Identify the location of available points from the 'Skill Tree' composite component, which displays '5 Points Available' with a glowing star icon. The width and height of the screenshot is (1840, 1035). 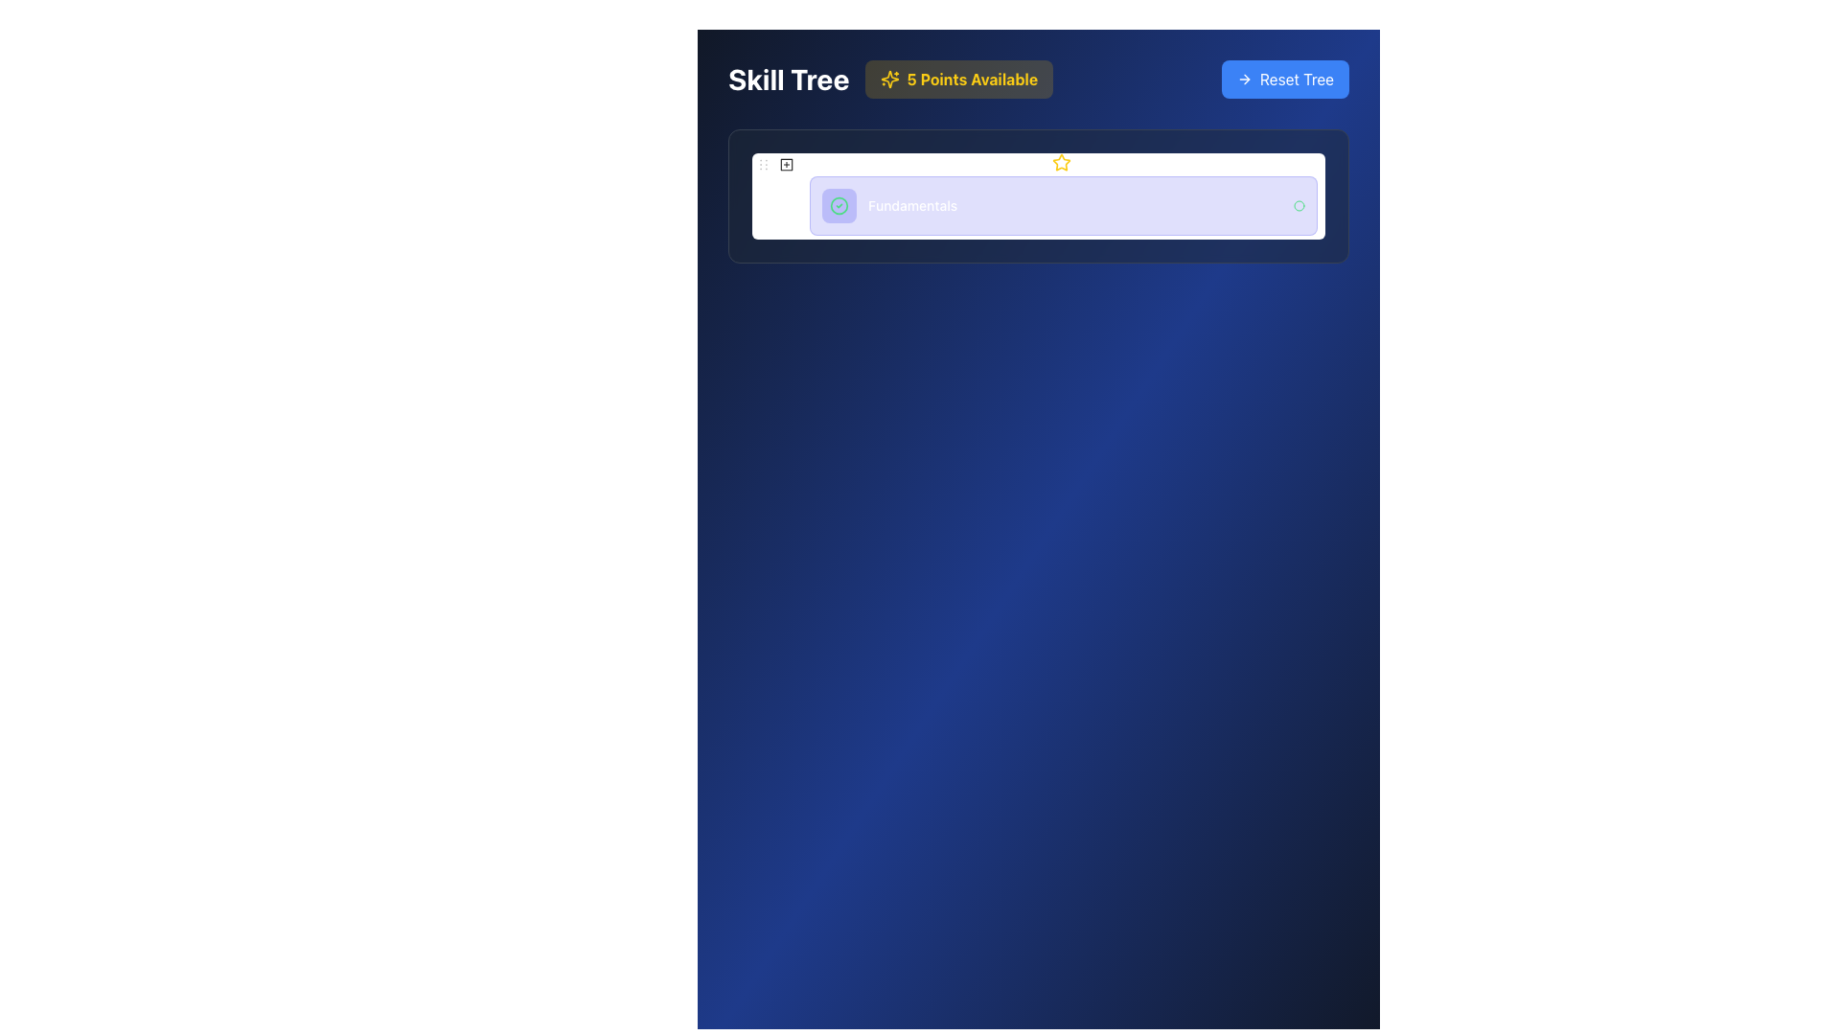
(889, 79).